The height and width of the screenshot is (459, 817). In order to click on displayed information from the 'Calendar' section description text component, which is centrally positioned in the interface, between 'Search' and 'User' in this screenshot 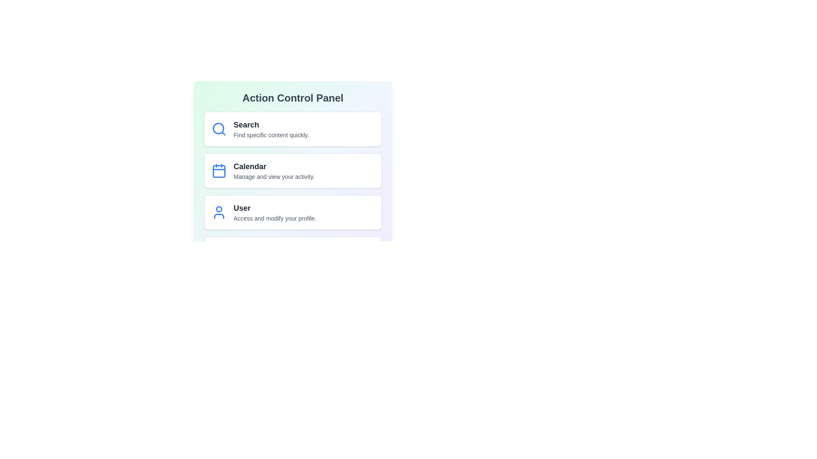, I will do `click(274, 170)`.